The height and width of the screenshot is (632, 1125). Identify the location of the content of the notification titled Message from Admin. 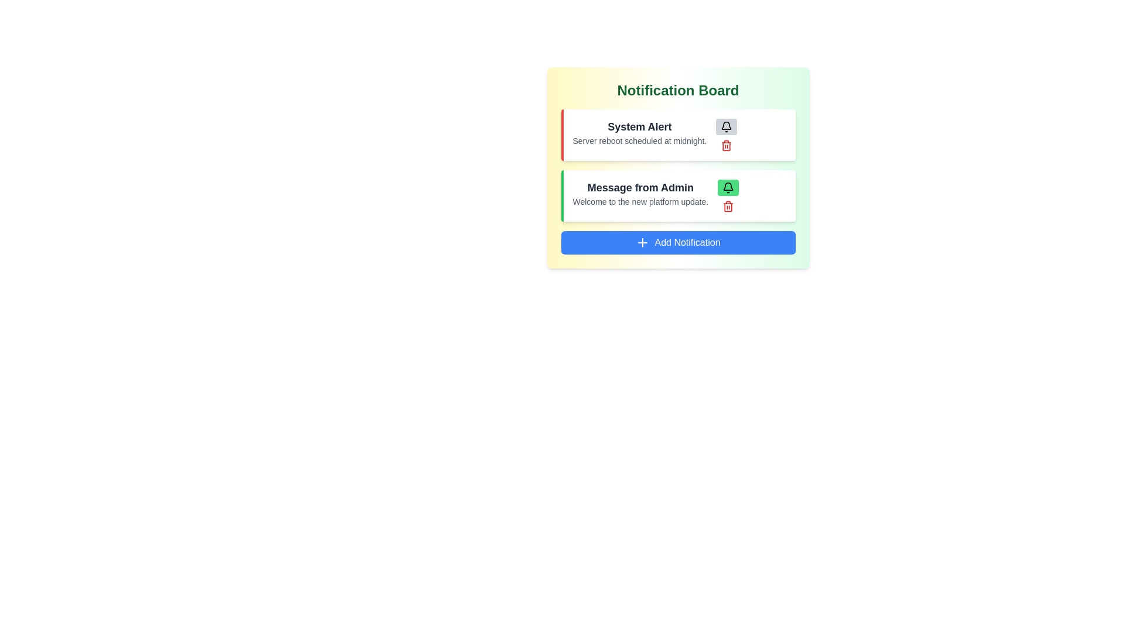
(640, 187).